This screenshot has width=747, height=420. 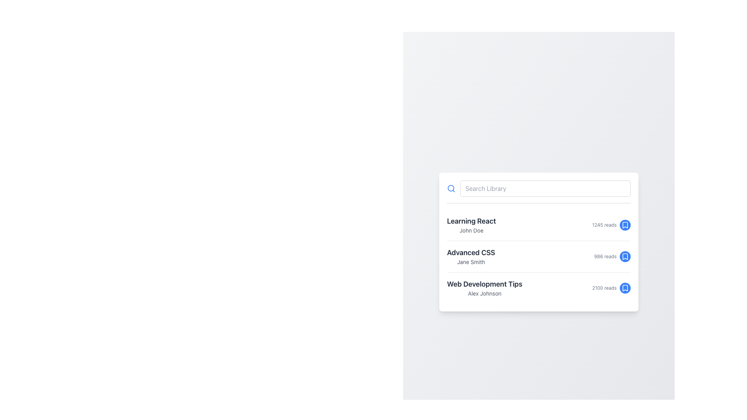 I want to click on the bookmark icon button located on the rightmost part of the third list item, so click(x=625, y=288).